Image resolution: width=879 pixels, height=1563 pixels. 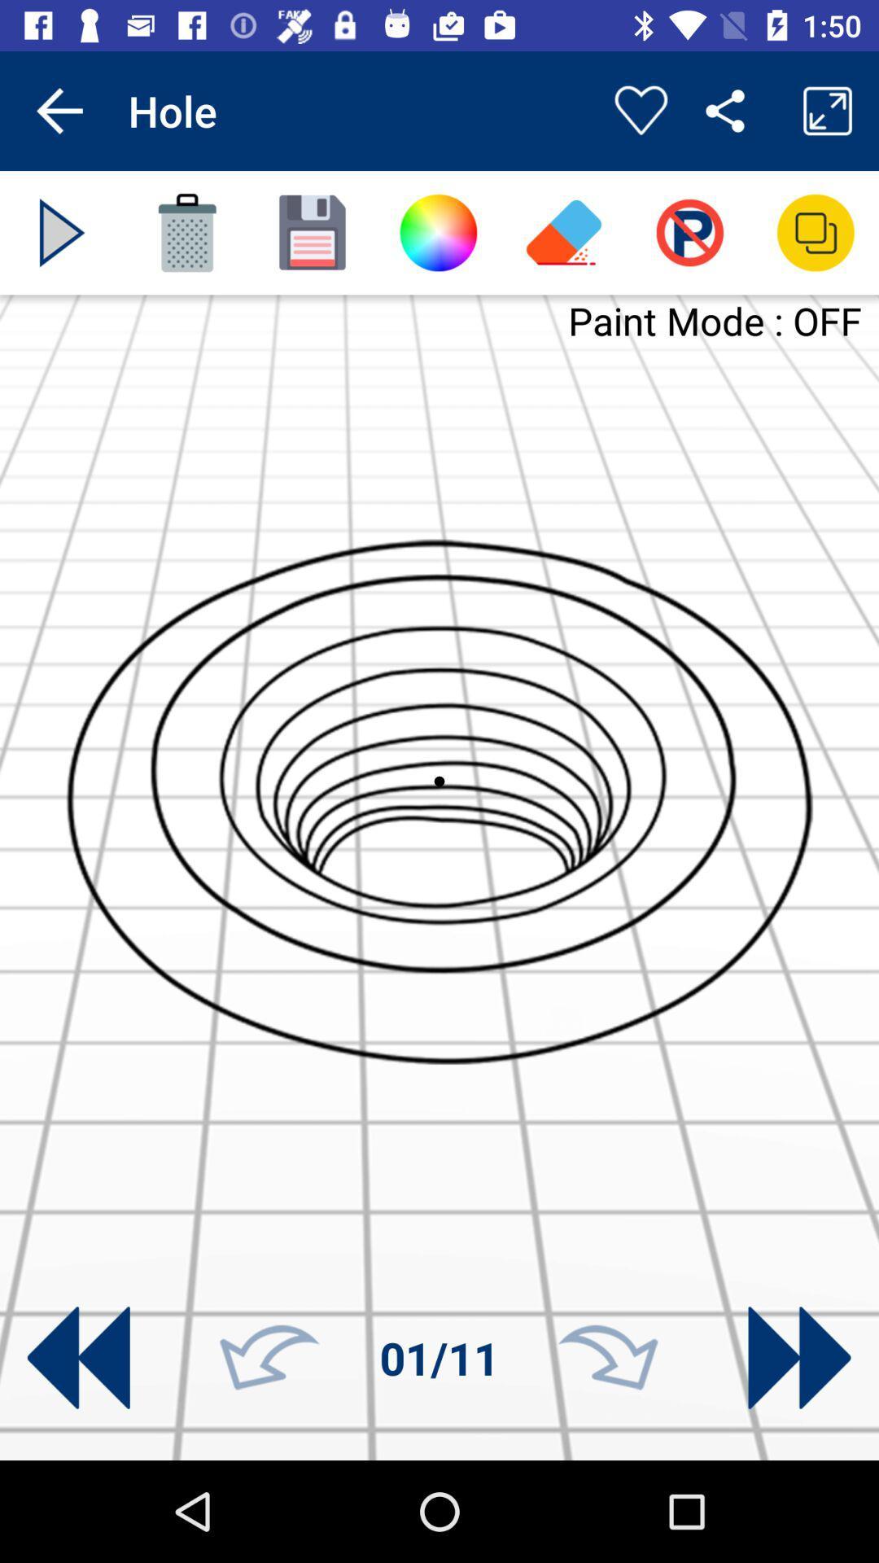 I want to click on go forward, so click(x=798, y=1358).